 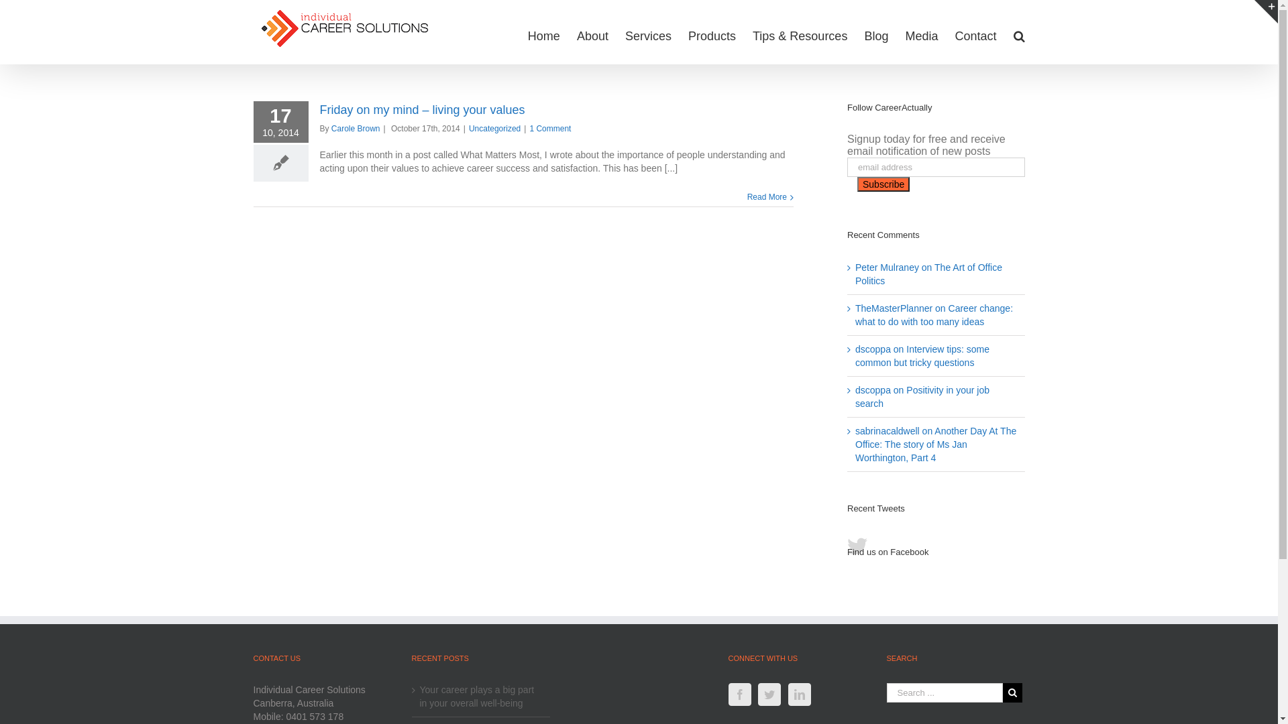 What do you see at coordinates (888, 431) in the screenshot?
I see `'sabrinacaldwell'` at bounding box center [888, 431].